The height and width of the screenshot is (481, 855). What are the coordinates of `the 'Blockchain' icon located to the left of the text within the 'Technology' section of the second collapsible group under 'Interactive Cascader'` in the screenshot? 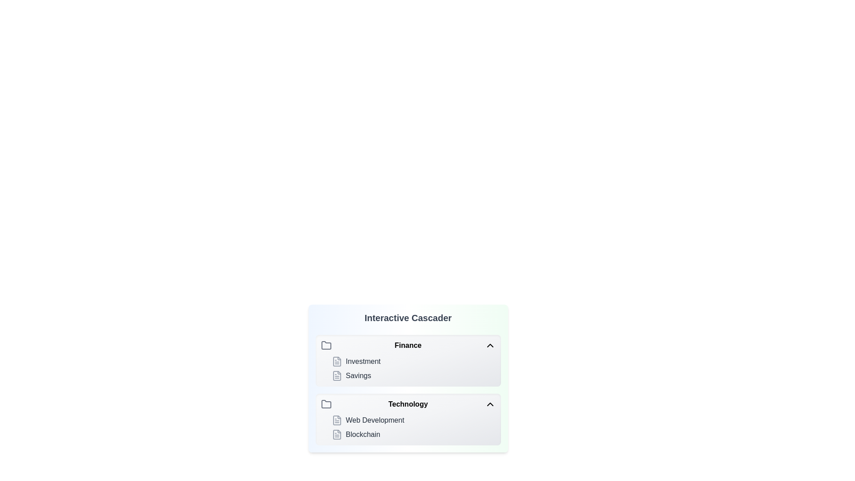 It's located at (336, 434).